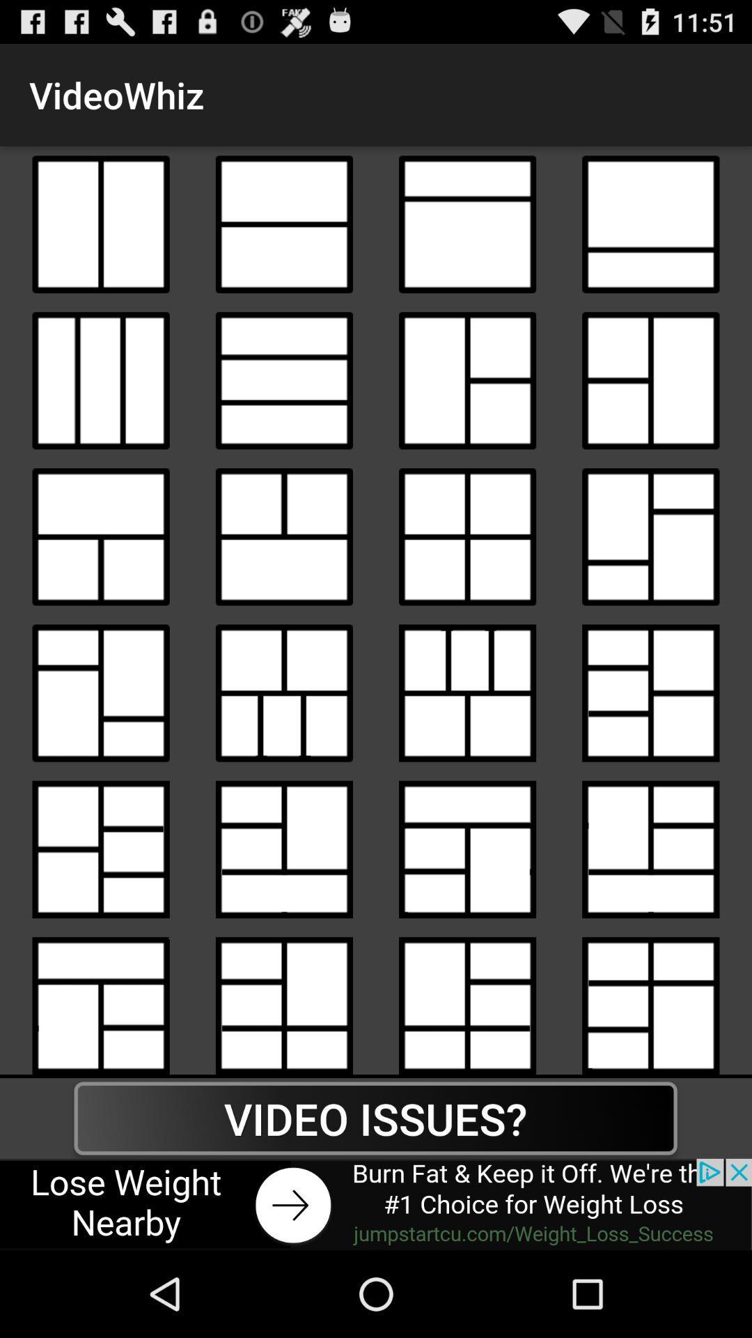 The width and height of the screenshot is (752, 1338). I want to click on for video allignment, so click(283, 380).